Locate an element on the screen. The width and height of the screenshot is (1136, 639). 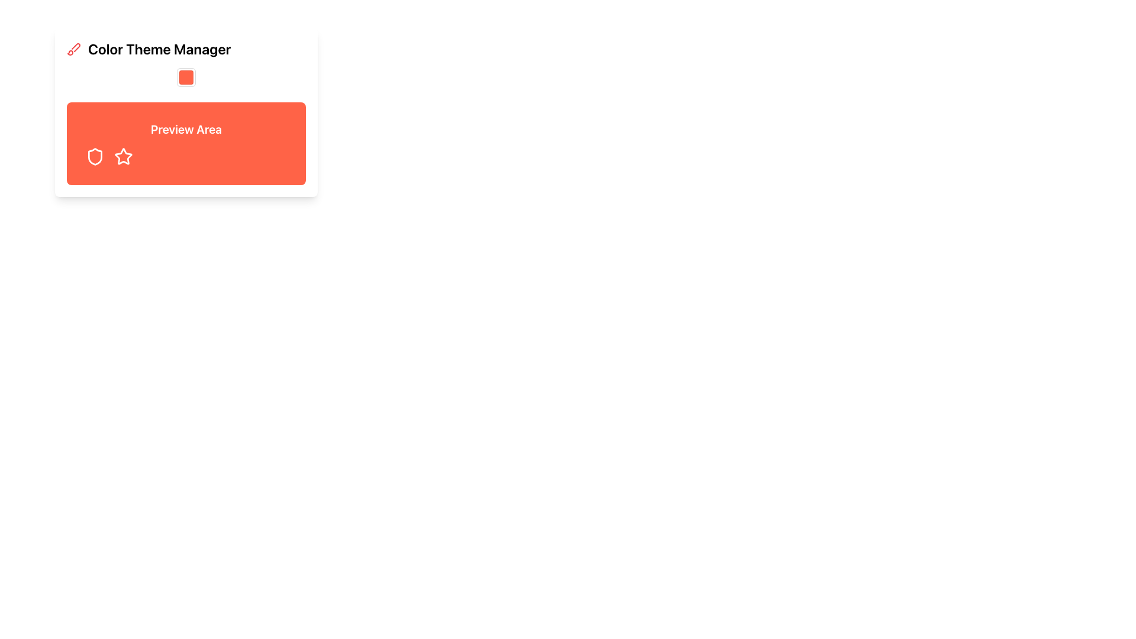
the second icon from the left is located at coordinates (122, 155).